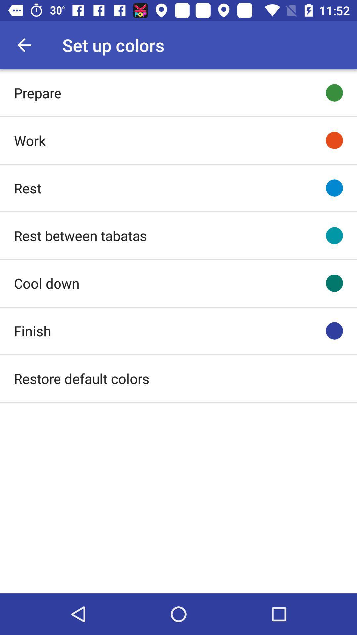  I want to click on the restore default colors item, so click(81, 378).